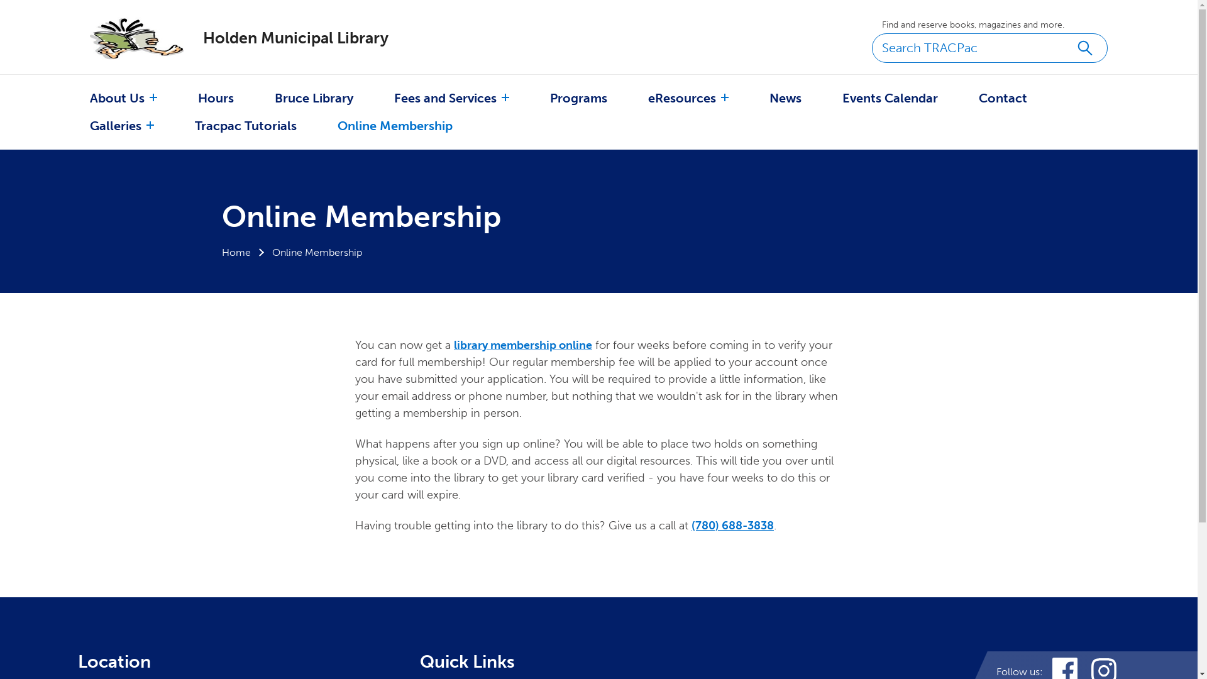  Describe the element at coordinates (445, 97) in the screenshot. I see `'Fees and Services'` at that location.